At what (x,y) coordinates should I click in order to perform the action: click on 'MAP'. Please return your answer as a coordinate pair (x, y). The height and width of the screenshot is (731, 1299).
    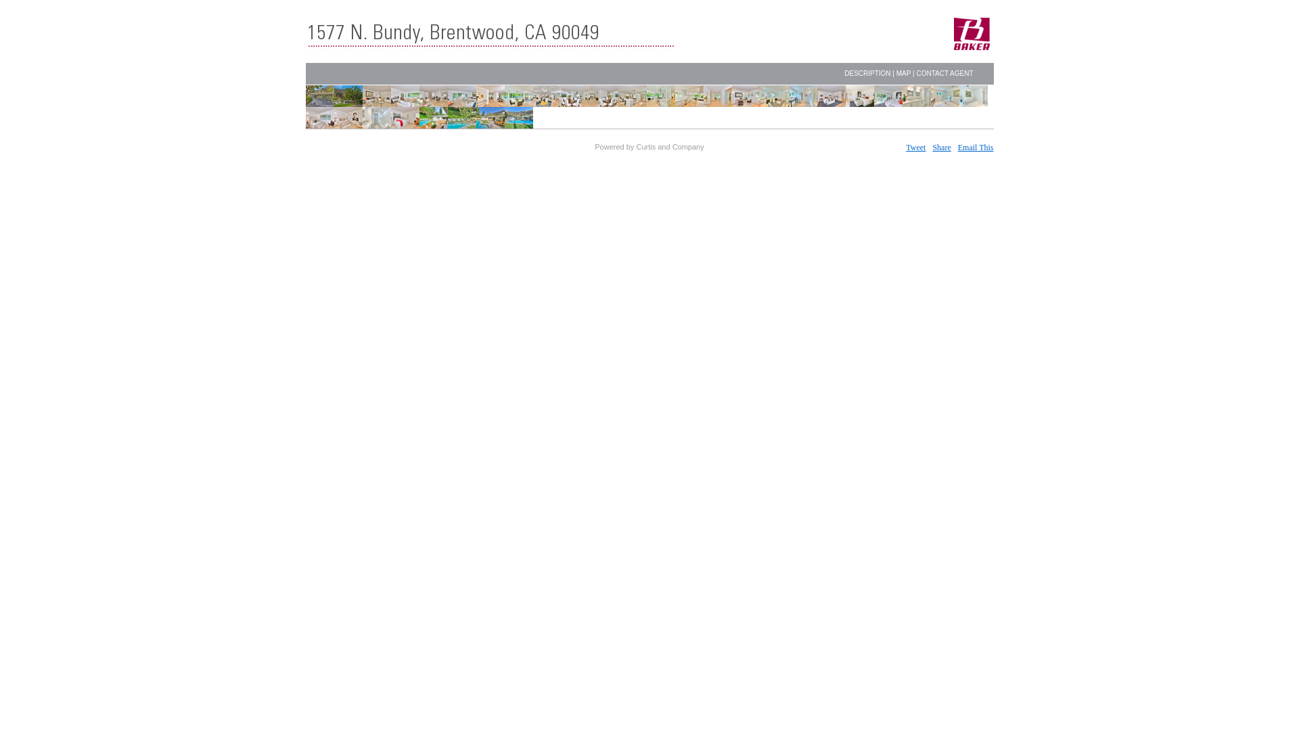
    Looking at the image, I should click on (896, 73).